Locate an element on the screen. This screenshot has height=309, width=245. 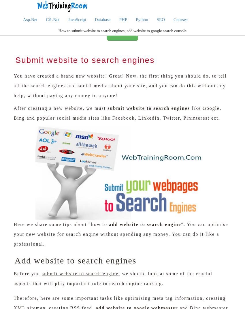
'submit website to search engines' is located at coordinates (148, 108).